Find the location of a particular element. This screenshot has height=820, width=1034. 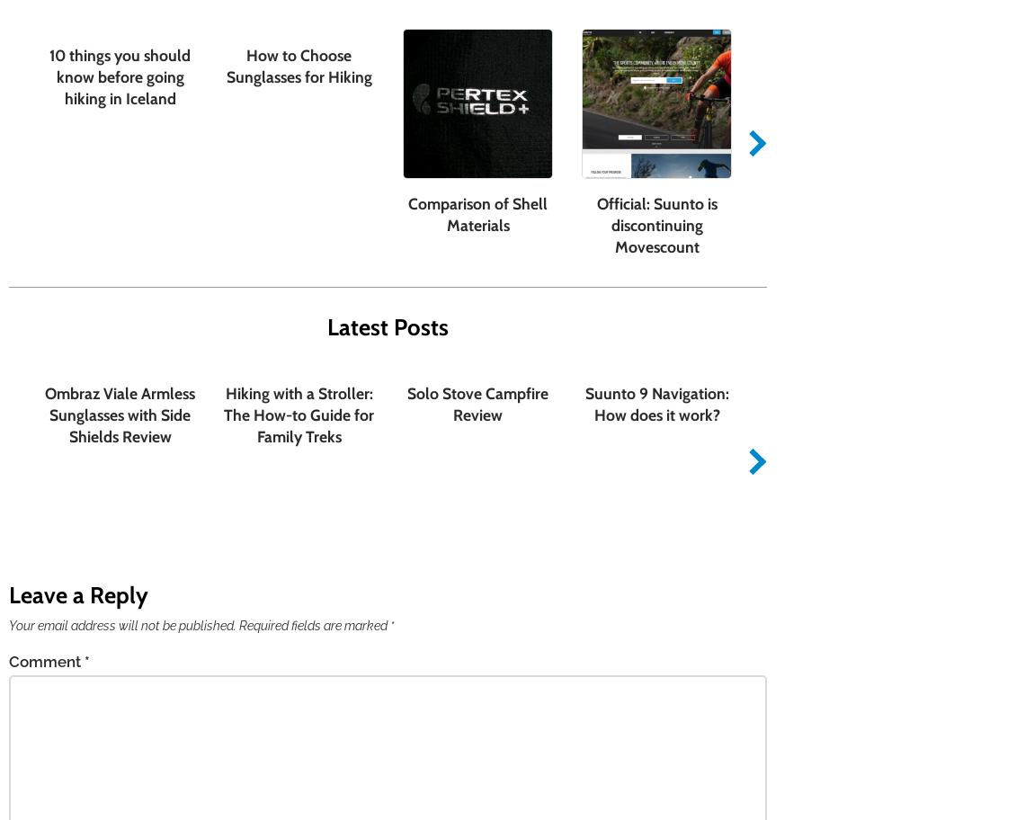

'Required fields are marked' is located at coordinates (314, 624).